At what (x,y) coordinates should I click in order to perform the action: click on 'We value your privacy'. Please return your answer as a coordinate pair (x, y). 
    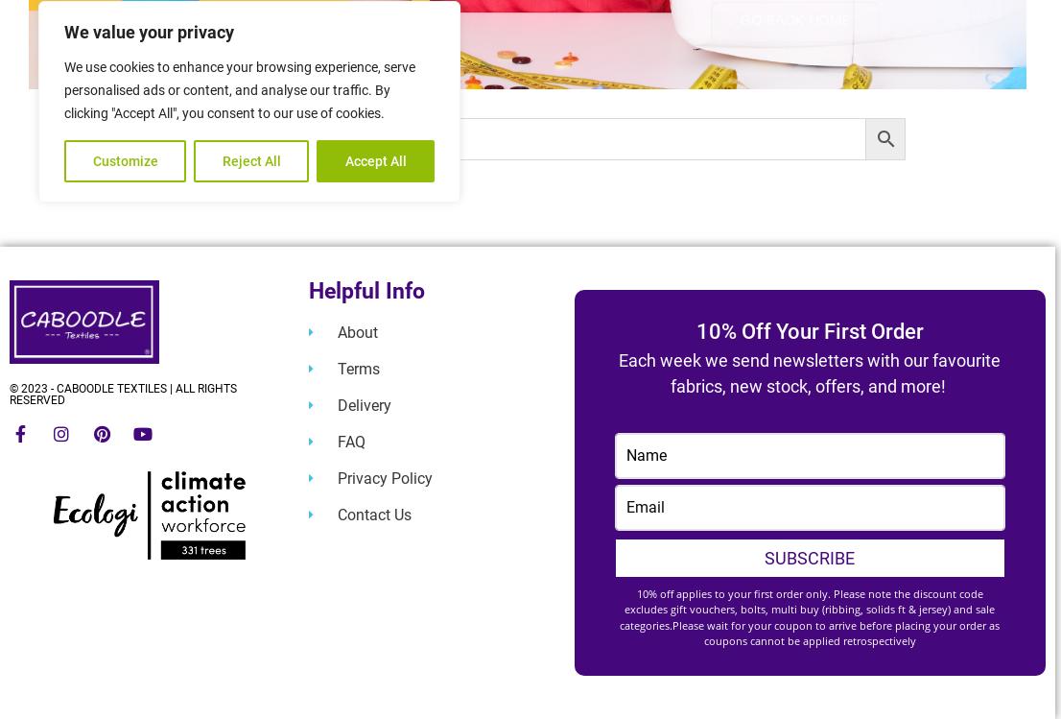
    Looking at the image, I should click on (148, 32).